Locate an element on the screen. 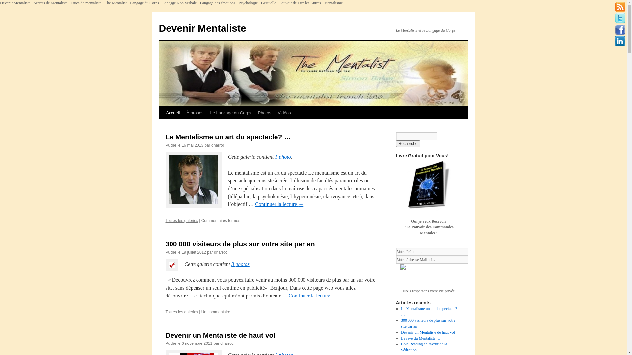  '6 novembre 2011' is located at coordinates (197, 343).